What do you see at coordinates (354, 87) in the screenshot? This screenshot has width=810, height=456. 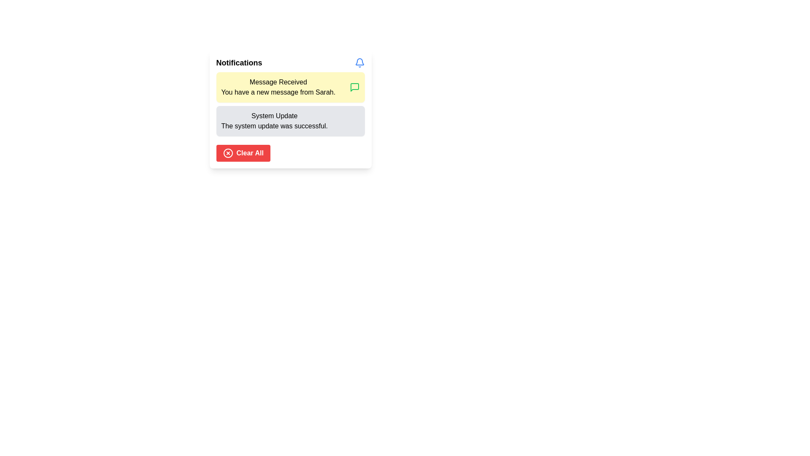 I see `the interactive icon/button located at the top-right of the yellow-highlighted 'Message Received' notification card to interact with the message from Sarah` at bounding box center [354, 87].